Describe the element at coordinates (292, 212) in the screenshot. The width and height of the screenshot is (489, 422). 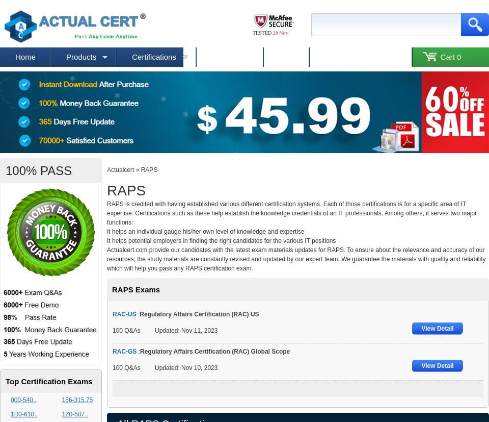
I see `'RAPS is credited with having established various different certification systems. Each of those certifications is for a specific area of IT expertise. Certifications such as these help establish the knowledge credentials of an IT professionals. Among others, it serves two major functions:'` at that location.